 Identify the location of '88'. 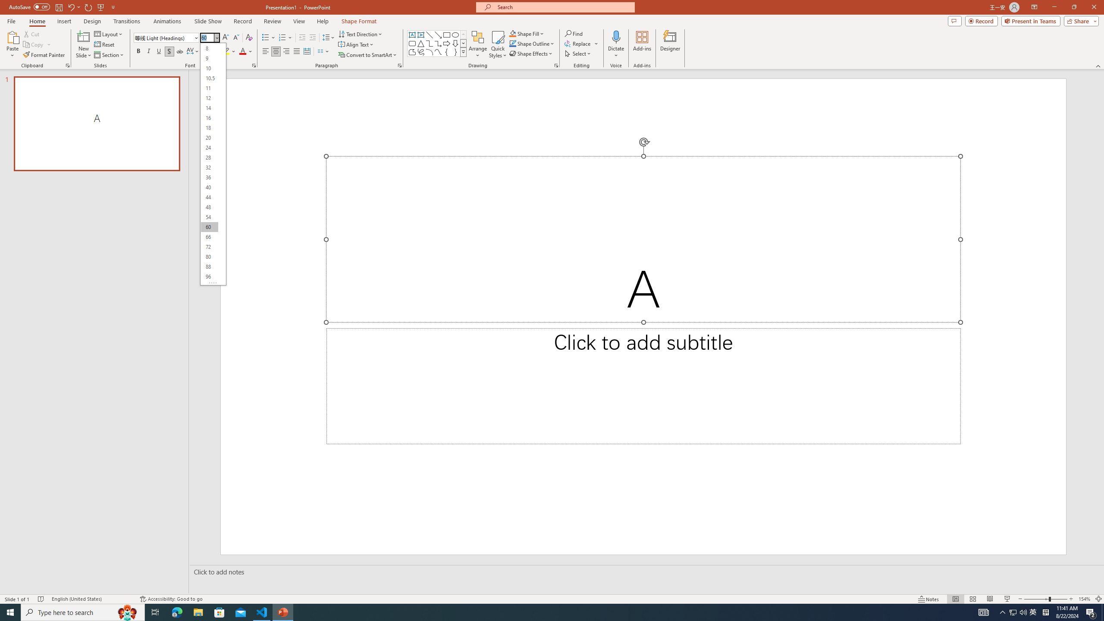
(209, 267).